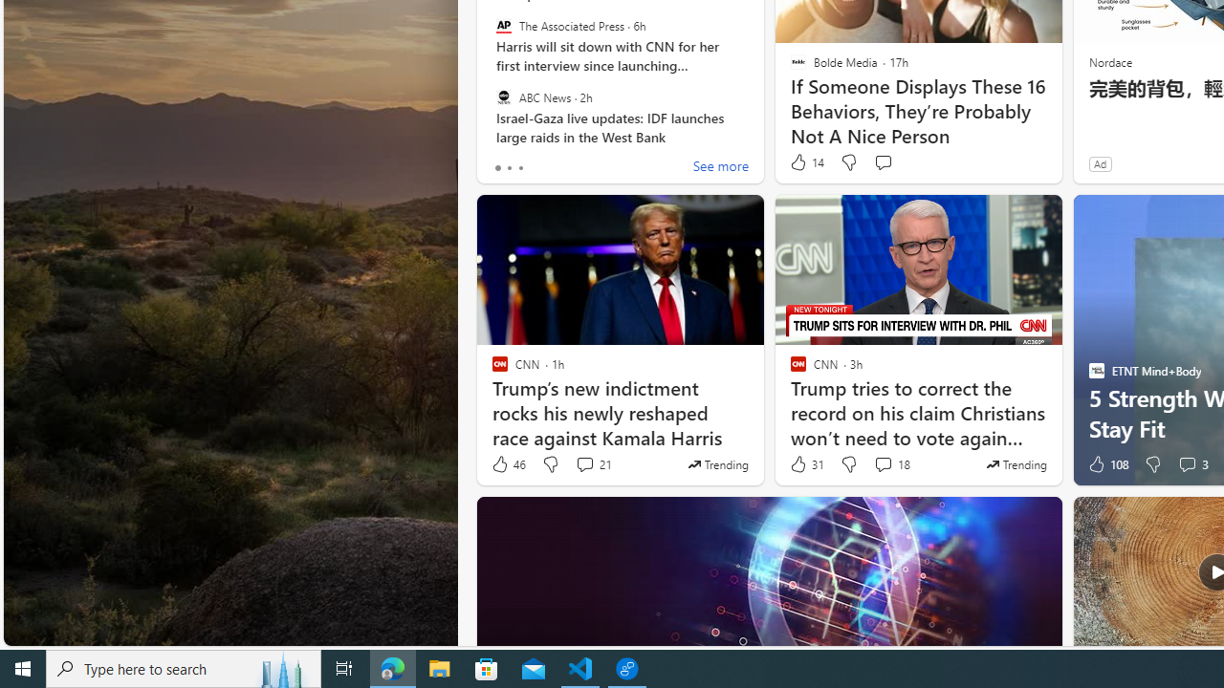  What do you see at coordinates (1106, 464) in the screenshot?
I see `'108 Like'` at bounding box center [1106, 464].